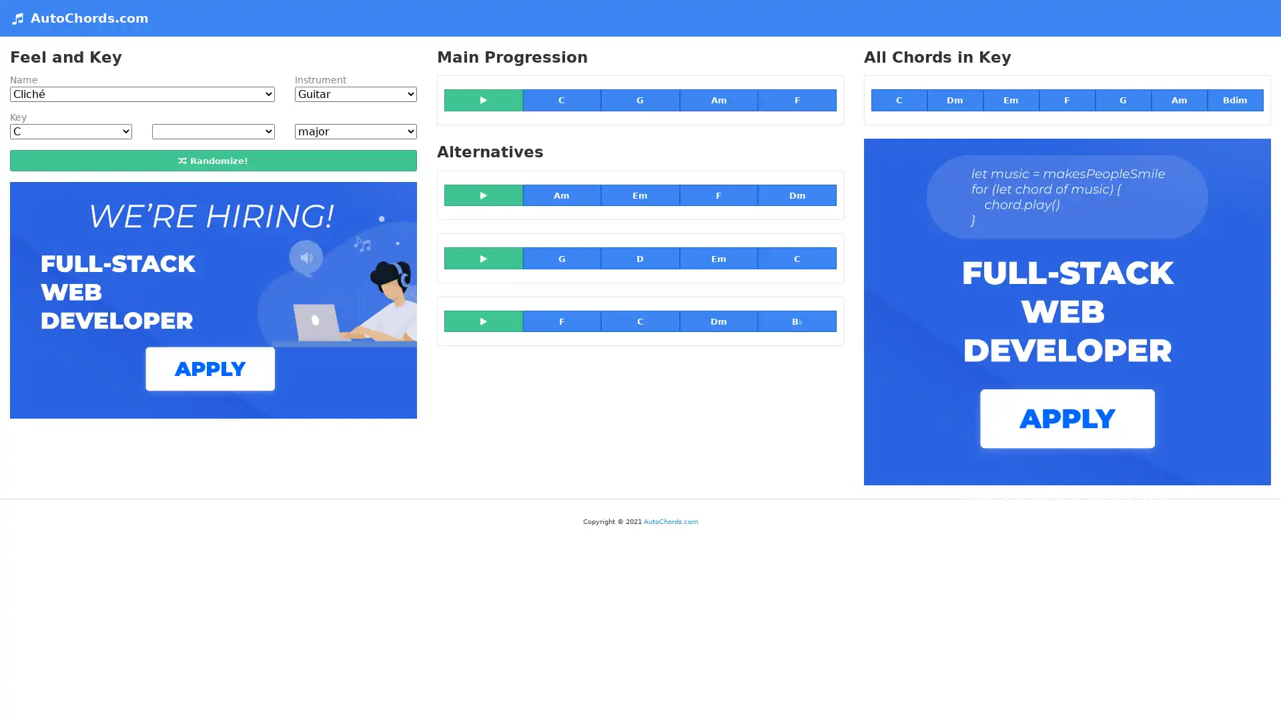 The image size is (1281, 720). Describe the element at coordinates (1178, 99) in the screenshot. I see `Am` at that location.